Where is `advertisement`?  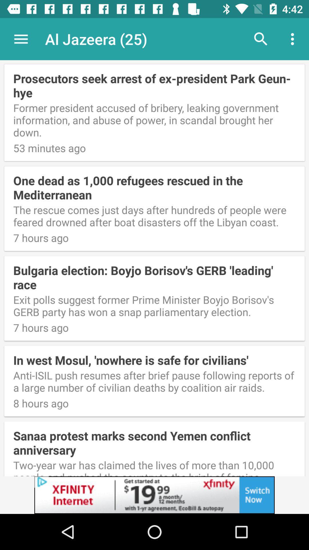 advertisement is located at coordinates (154, 495).